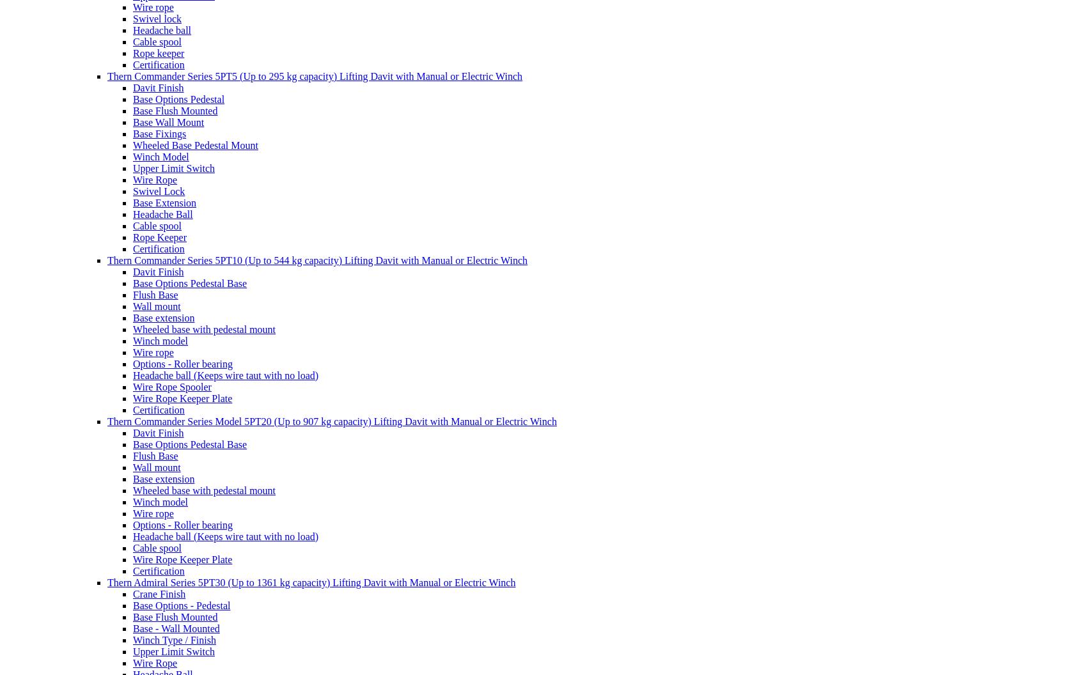 This screenshot has height=675, width=1087. Describe the element at coordinates (106, 581) in the screenshot. I see `'Thern Admiral Series 5PT30 (Up to 1361 kg capacity) Lifting Davit with Manual or Electric Winch'` at that location.